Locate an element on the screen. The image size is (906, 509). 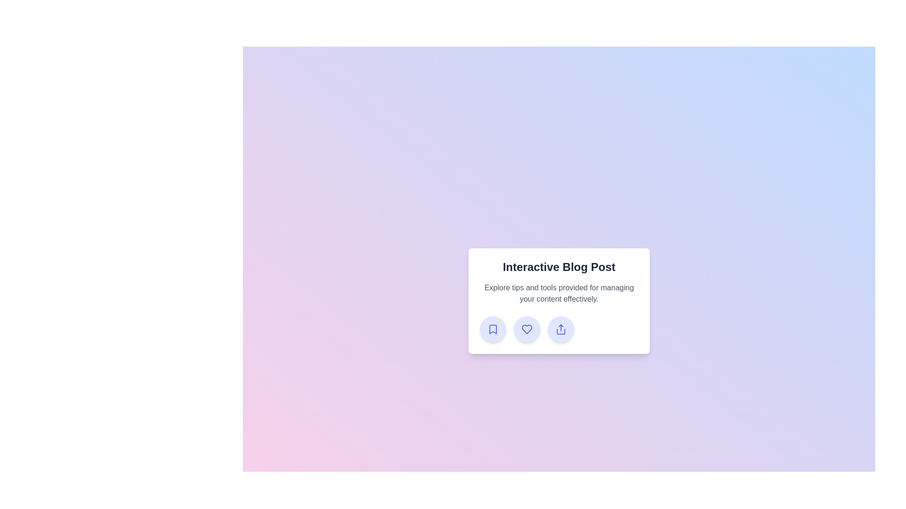
the first circular button on the left, which contains a bookmark SVG icon is located at coordinates (493, 328).